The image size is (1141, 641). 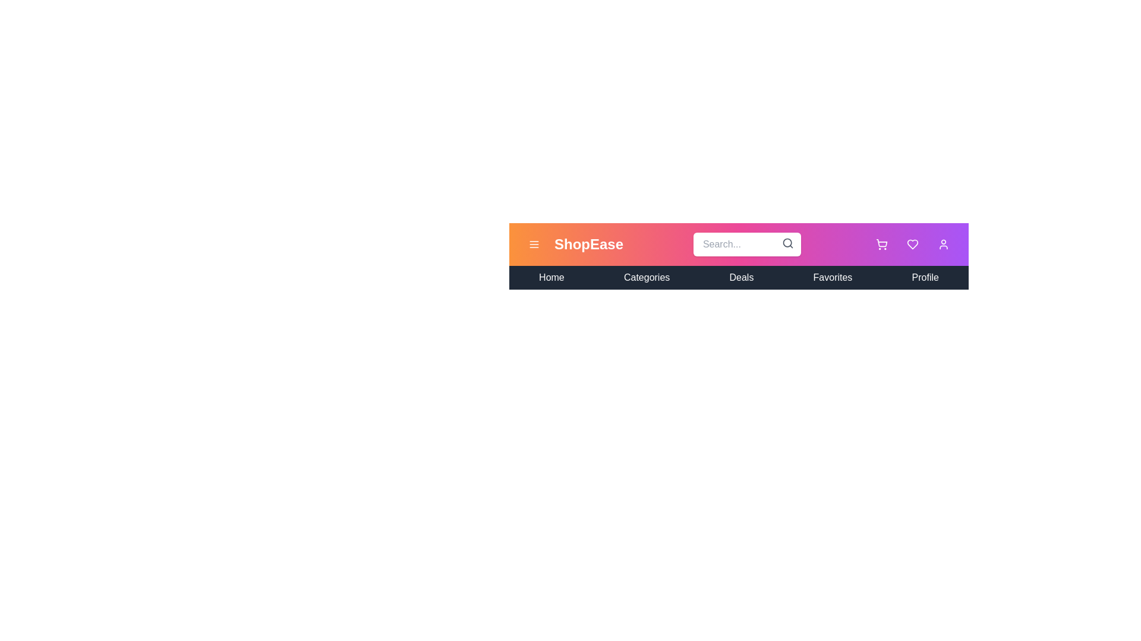 What do you see at coordinates (832, 277) in the screenshot?
I see `the Favorites from the navigation menu` at bounding box center [832, 277].